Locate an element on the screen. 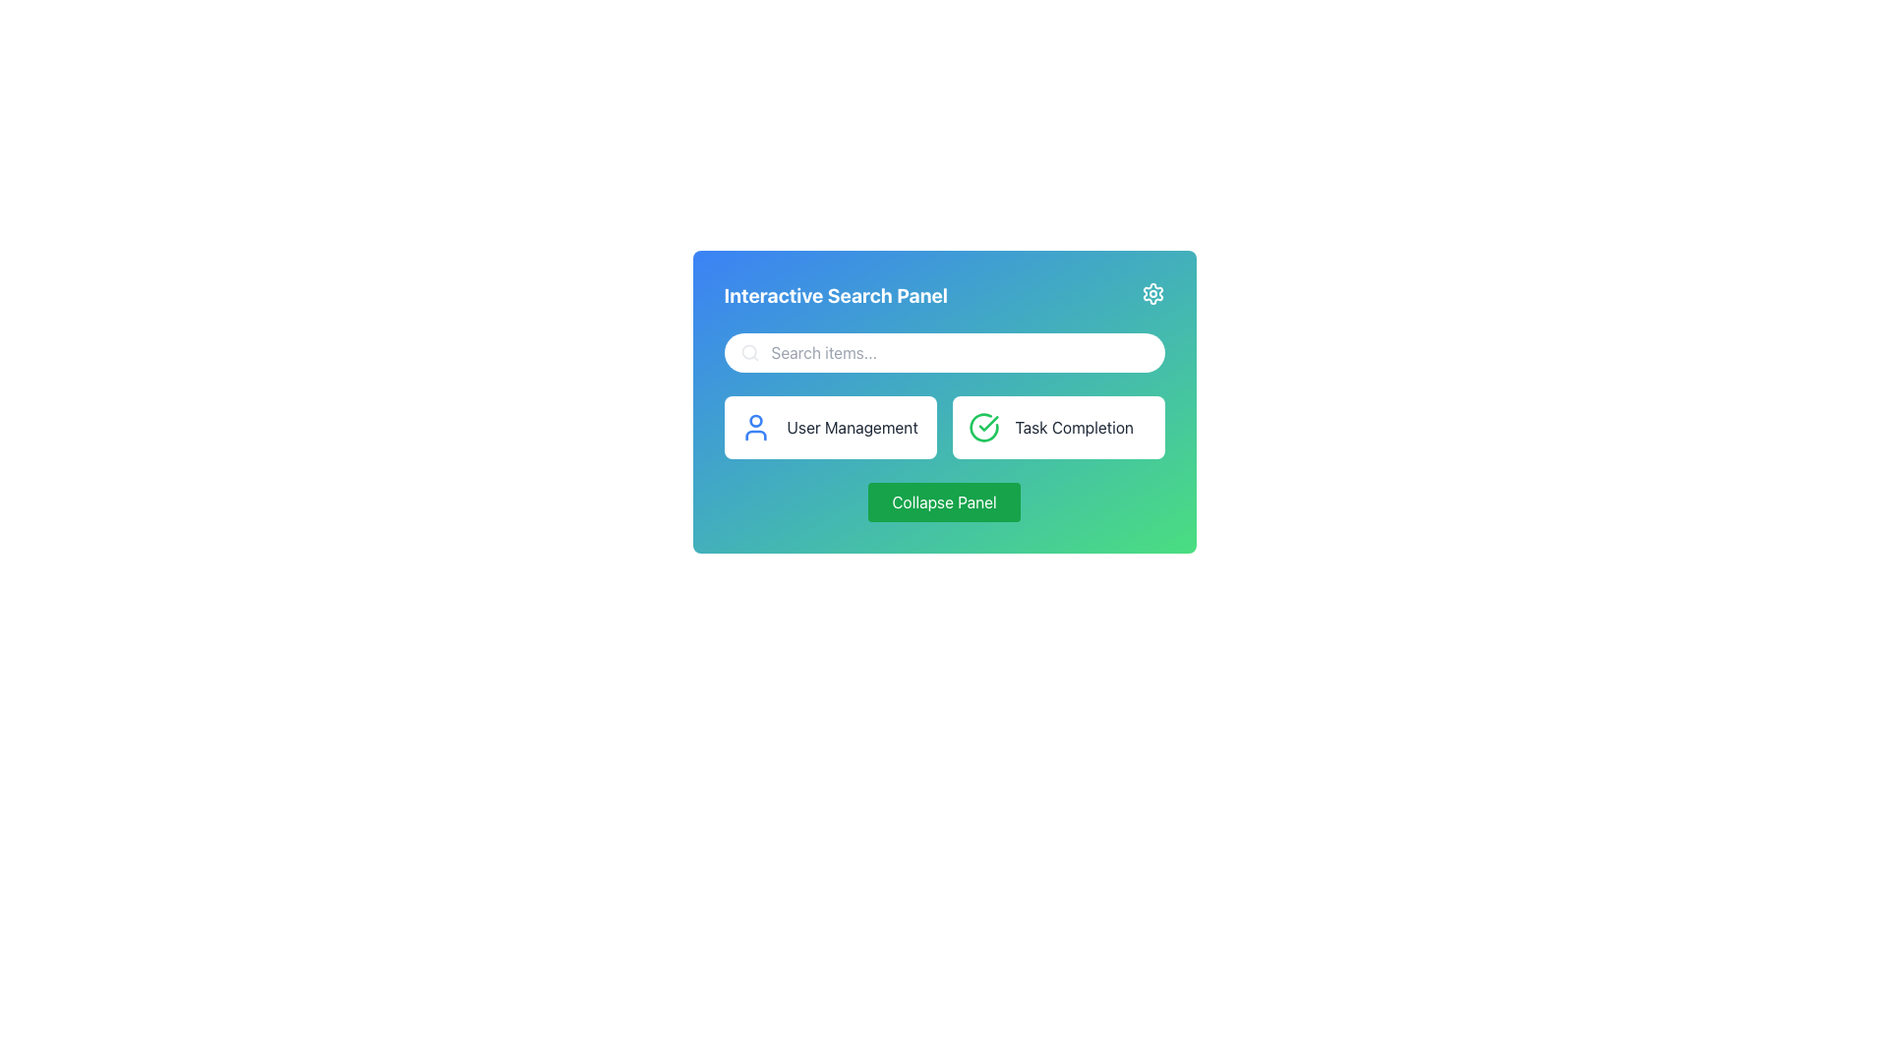 This screenshot has height=1062, width=1888. the 'User Management' and 'Task Completion' sections of the 'Interactive Search Panel' is located at coordinates (944, 400).